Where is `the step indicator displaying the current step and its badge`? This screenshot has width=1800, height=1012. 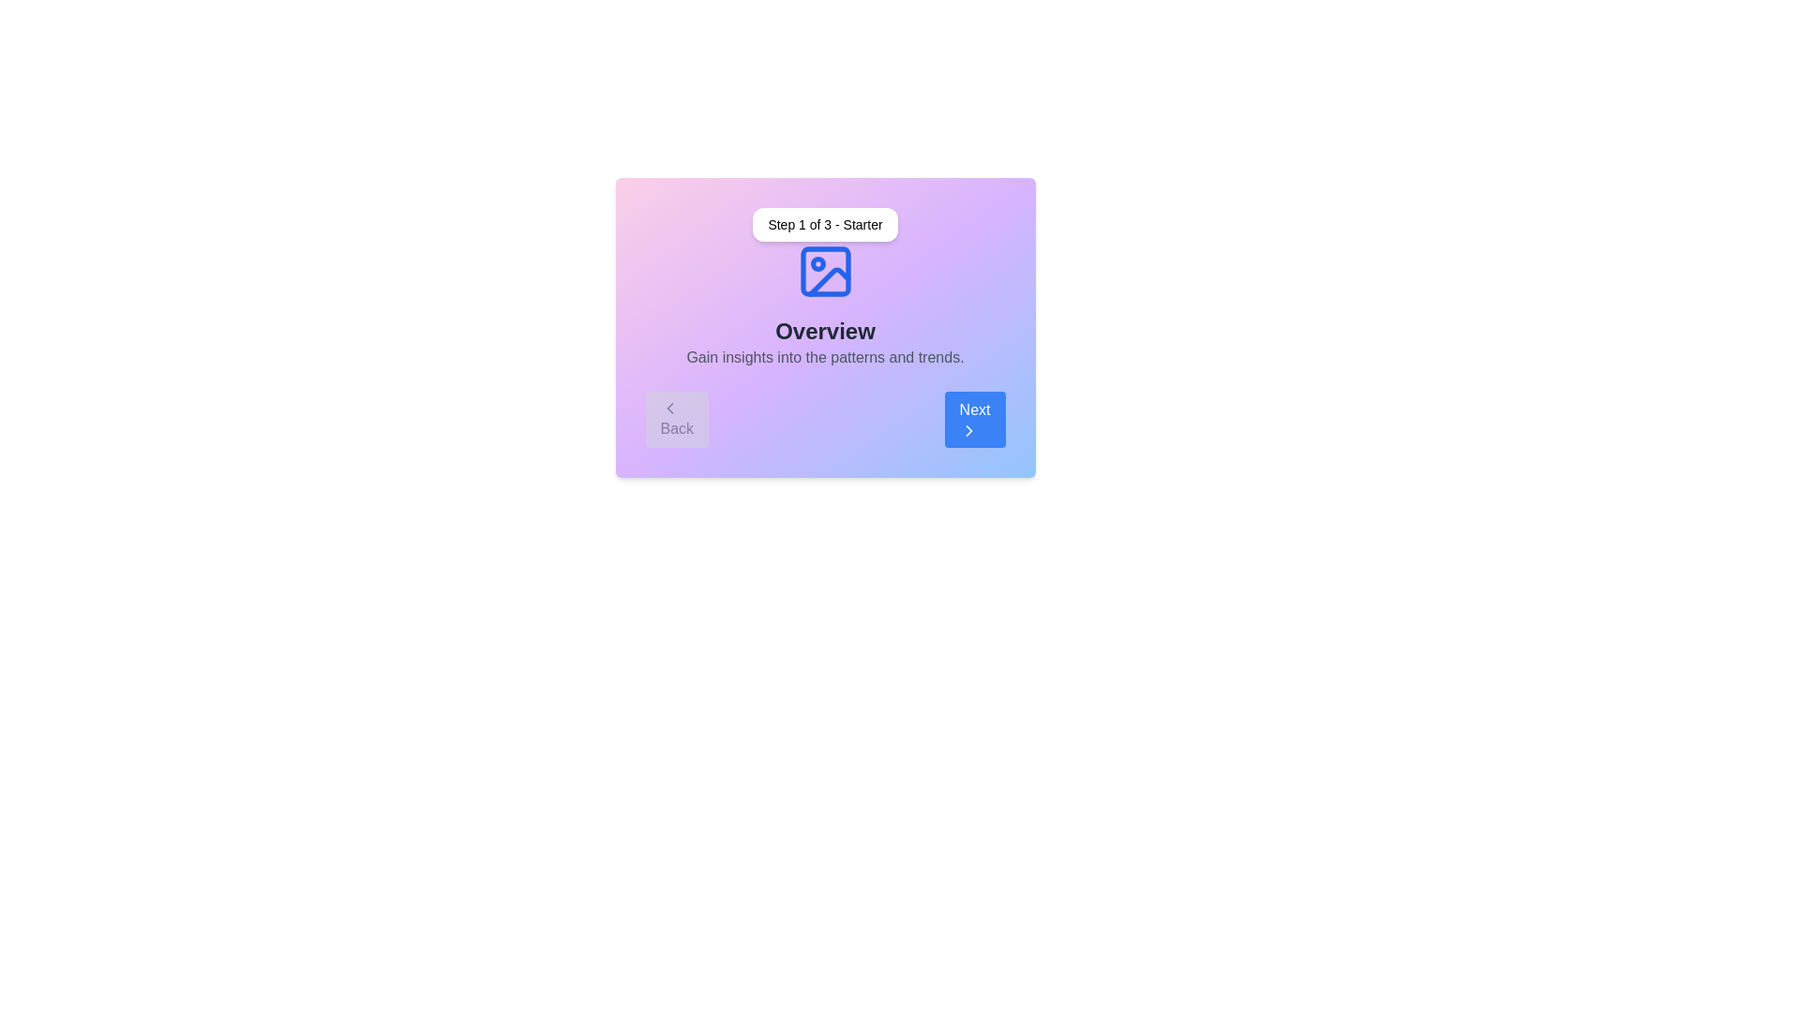
the step indicator displaying the current step and its badge is located at coordinates (825, 223).